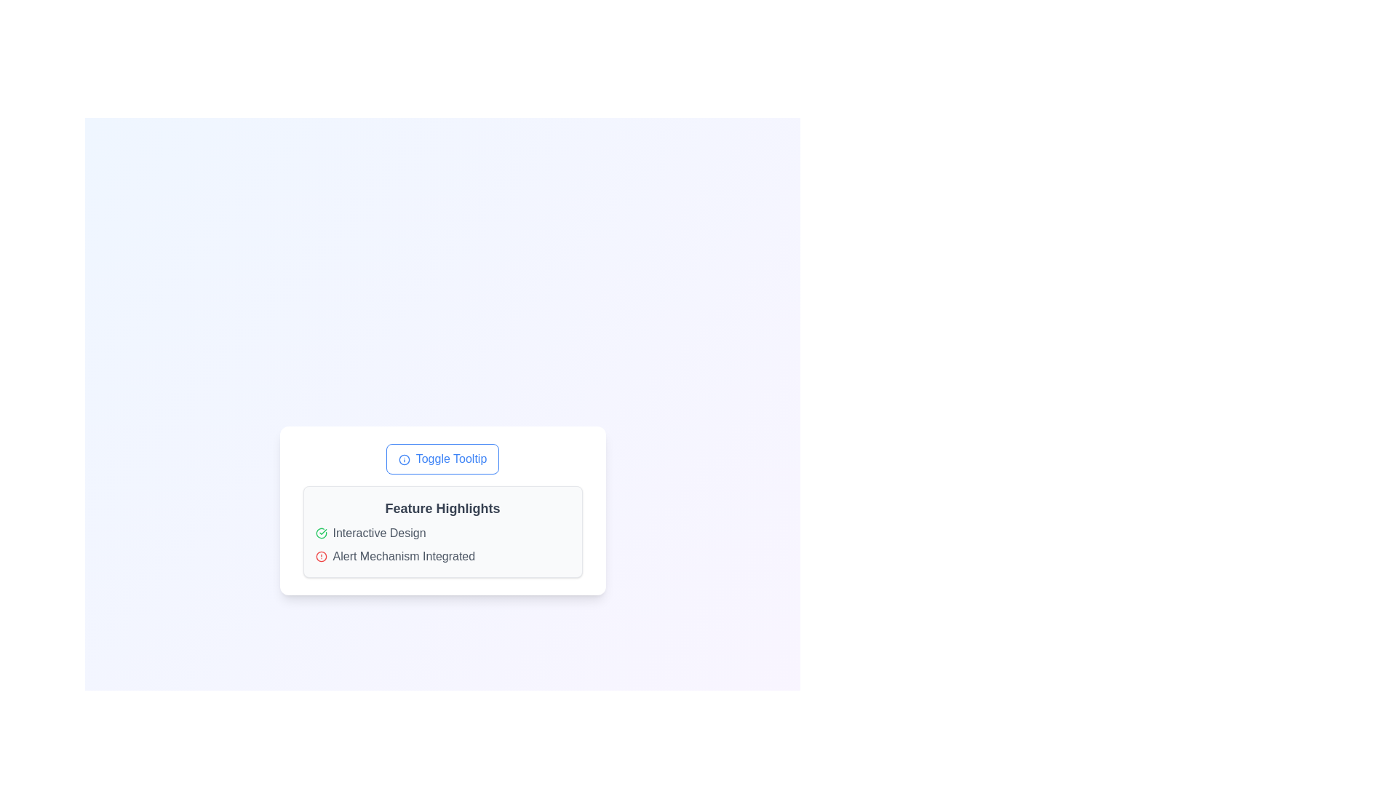  I want to click on the circular graphical element within the alert icon, which visually denotes an alert state next to the text 'Alert Mechanism Integrated', so click(320, 556).